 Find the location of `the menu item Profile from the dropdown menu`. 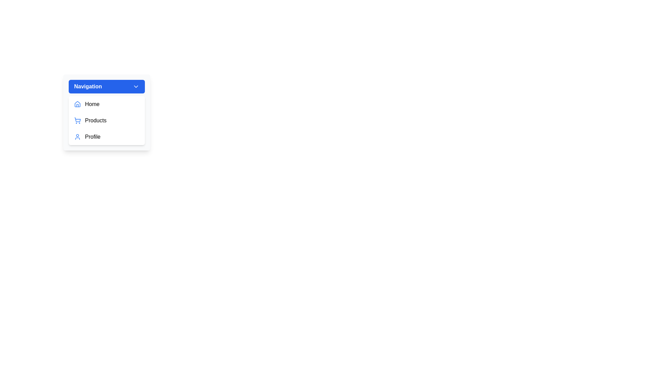

the menu item Profile from the dropdown menu is located at coordinates (106, 137).